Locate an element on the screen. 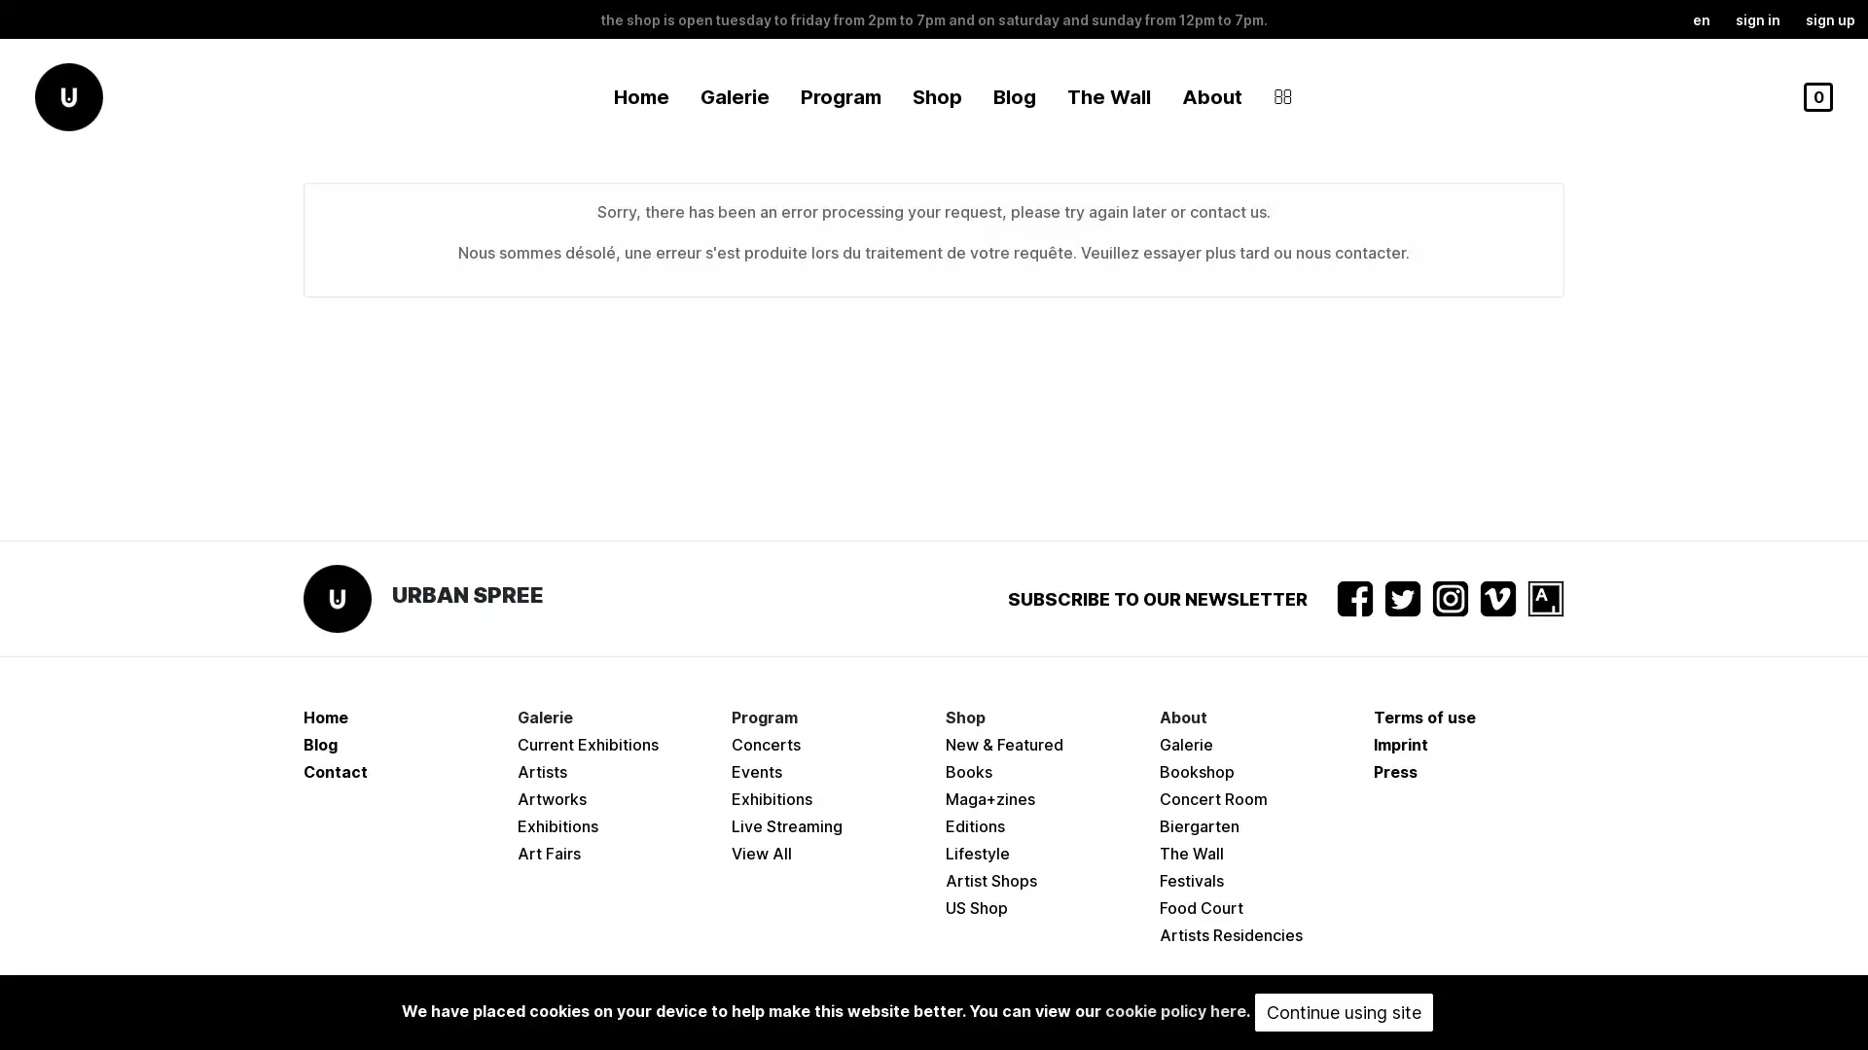  en is located at coordinates (1700, 18).